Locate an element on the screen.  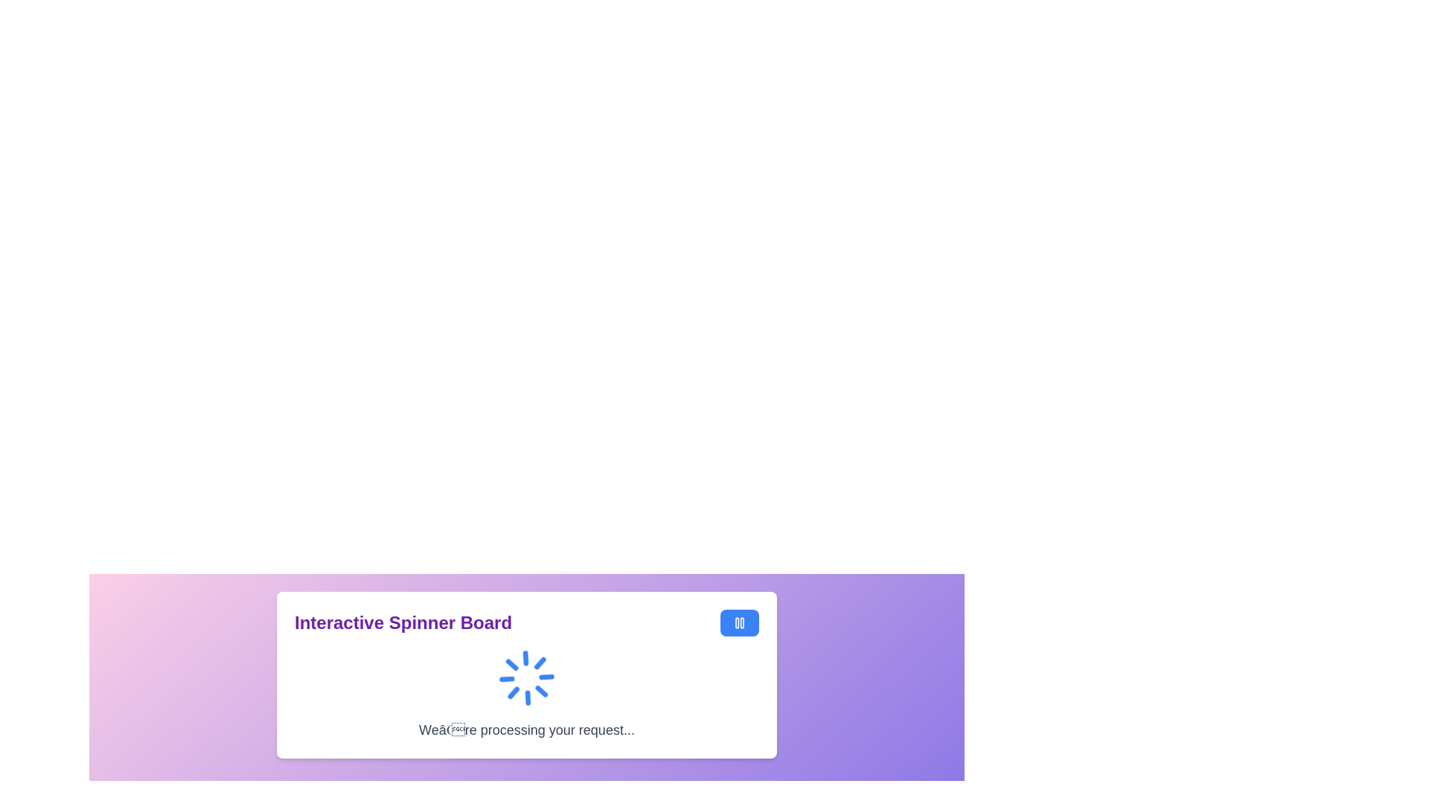
the decorative segment of the spinner located under the title 'Interactive Spinner Board', positioned clockwise to the upper-right side of the spinner's center is located at coordinates (513, 692).